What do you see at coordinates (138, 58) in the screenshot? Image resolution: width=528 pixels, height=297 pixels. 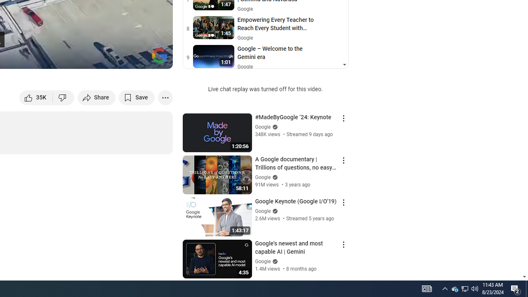 I see `'Theater mode (t)'` at bounding box center [138, 58].